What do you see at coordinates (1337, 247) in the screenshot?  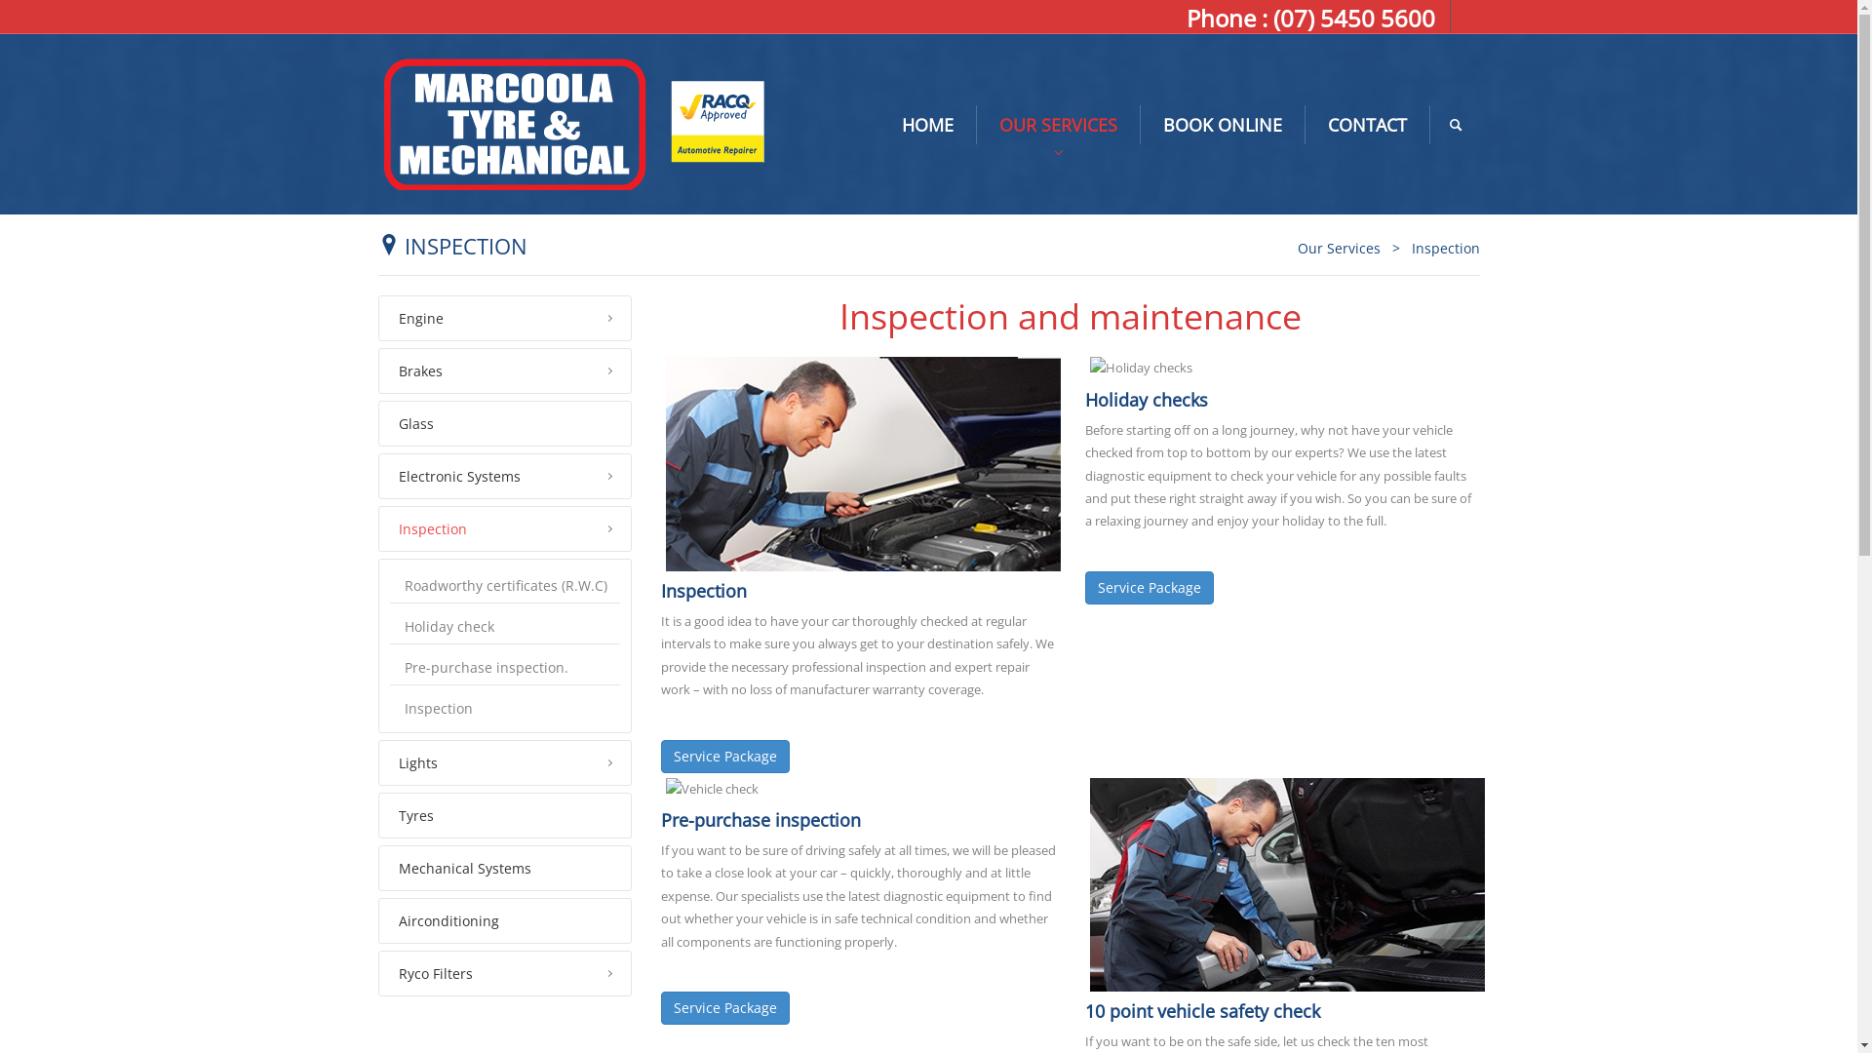 I see `'Our Services'` at bounding box center [1337, 247].